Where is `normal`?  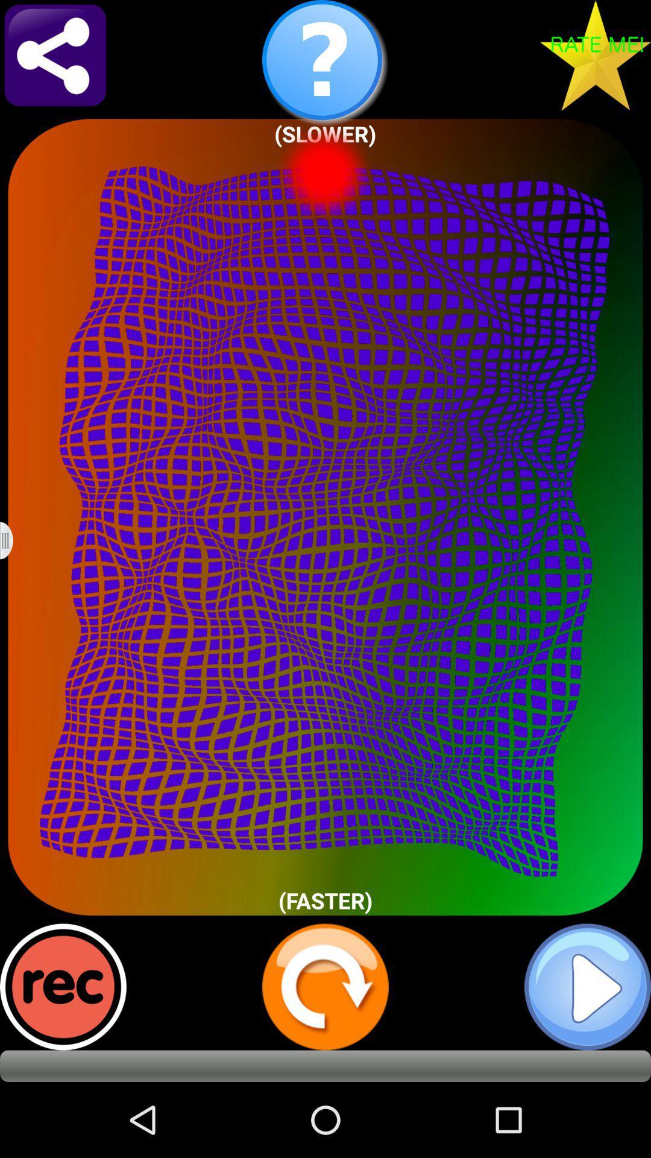 normal is located at coordinates (587, 987).